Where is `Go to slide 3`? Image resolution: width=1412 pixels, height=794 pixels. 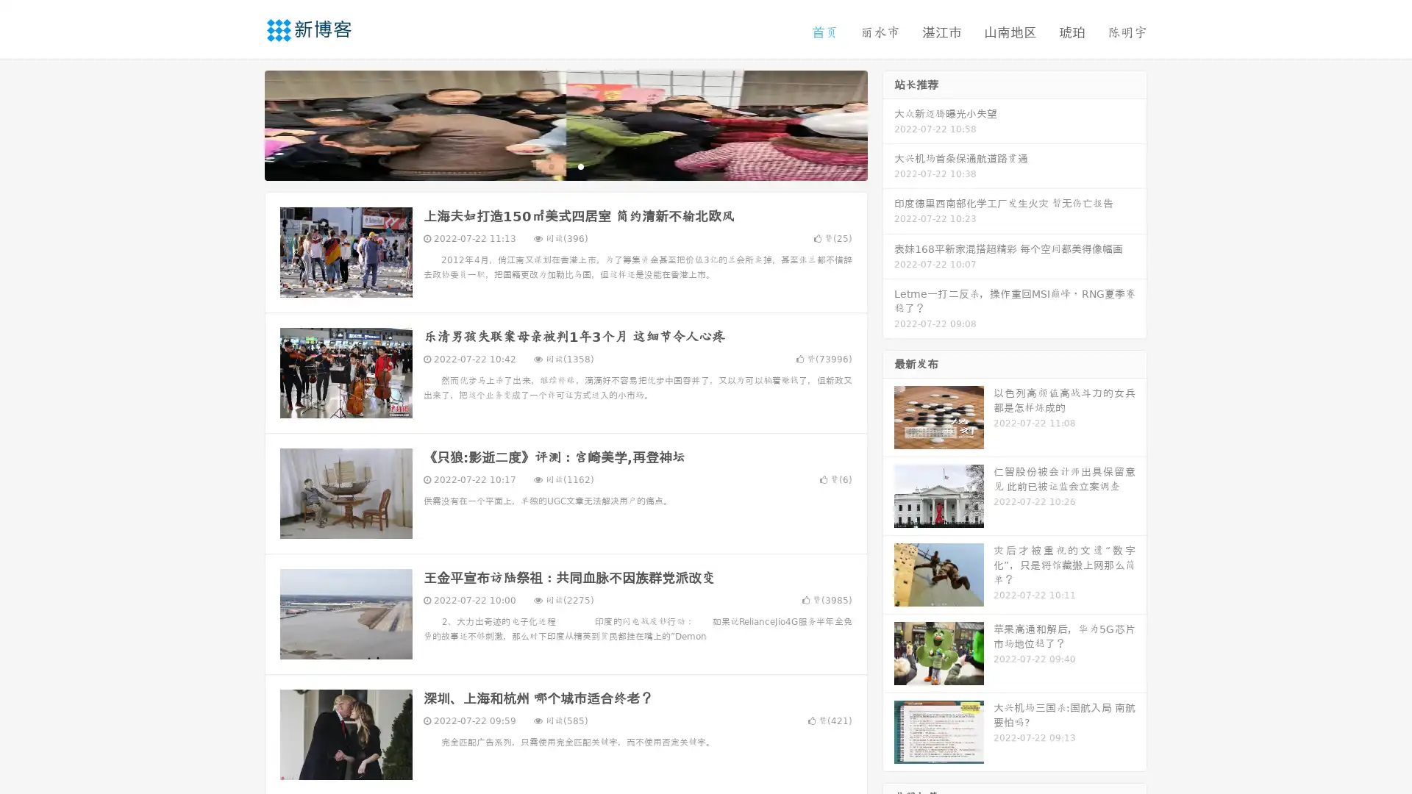 Go to slide 3 is located at coordinates (580, 165).